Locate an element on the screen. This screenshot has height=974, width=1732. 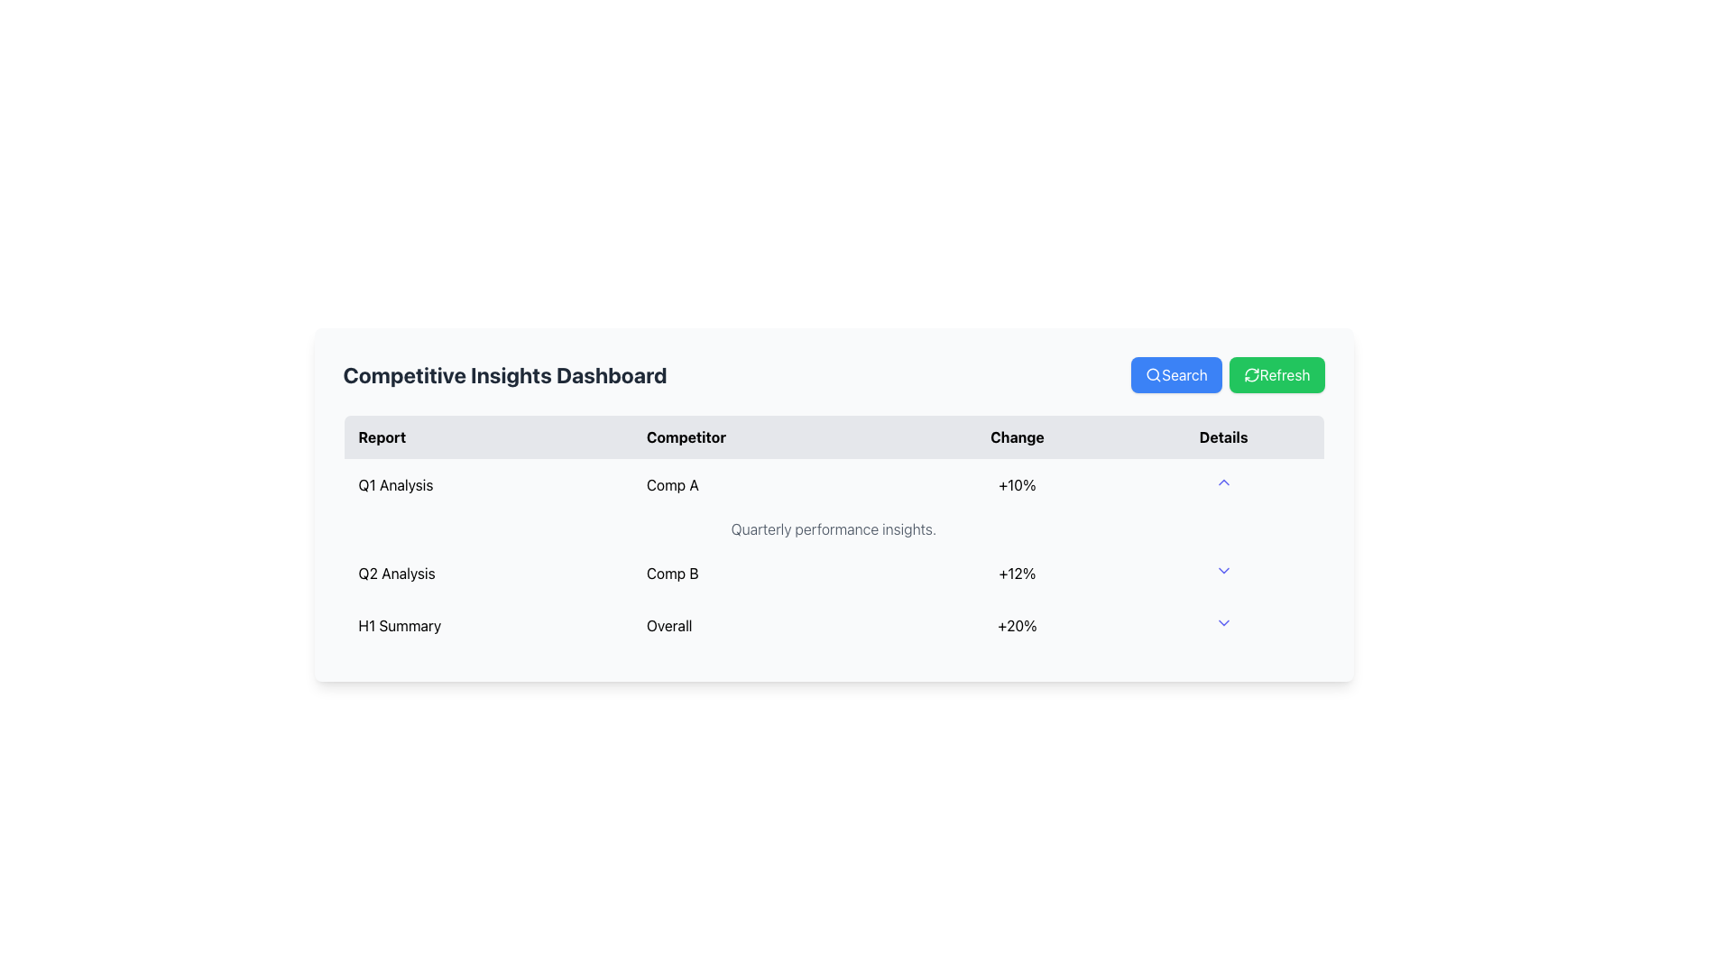
the text label displaying '+20%' located in the 'Change' column of the 'H1 Summary' row in the table is located at coordinates (1018, 625).